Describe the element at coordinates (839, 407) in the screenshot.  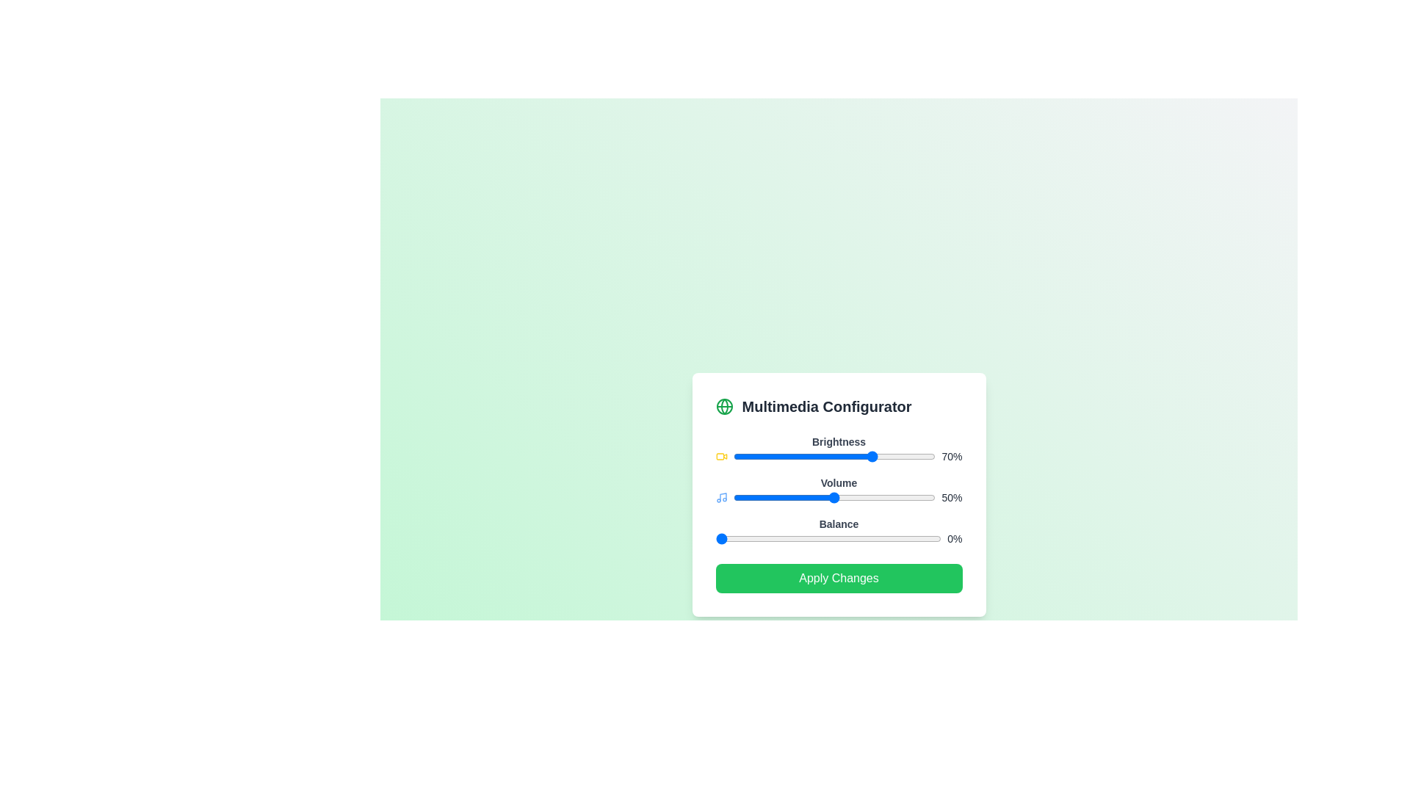
I see `the Multimedia Configurator header` at that location.